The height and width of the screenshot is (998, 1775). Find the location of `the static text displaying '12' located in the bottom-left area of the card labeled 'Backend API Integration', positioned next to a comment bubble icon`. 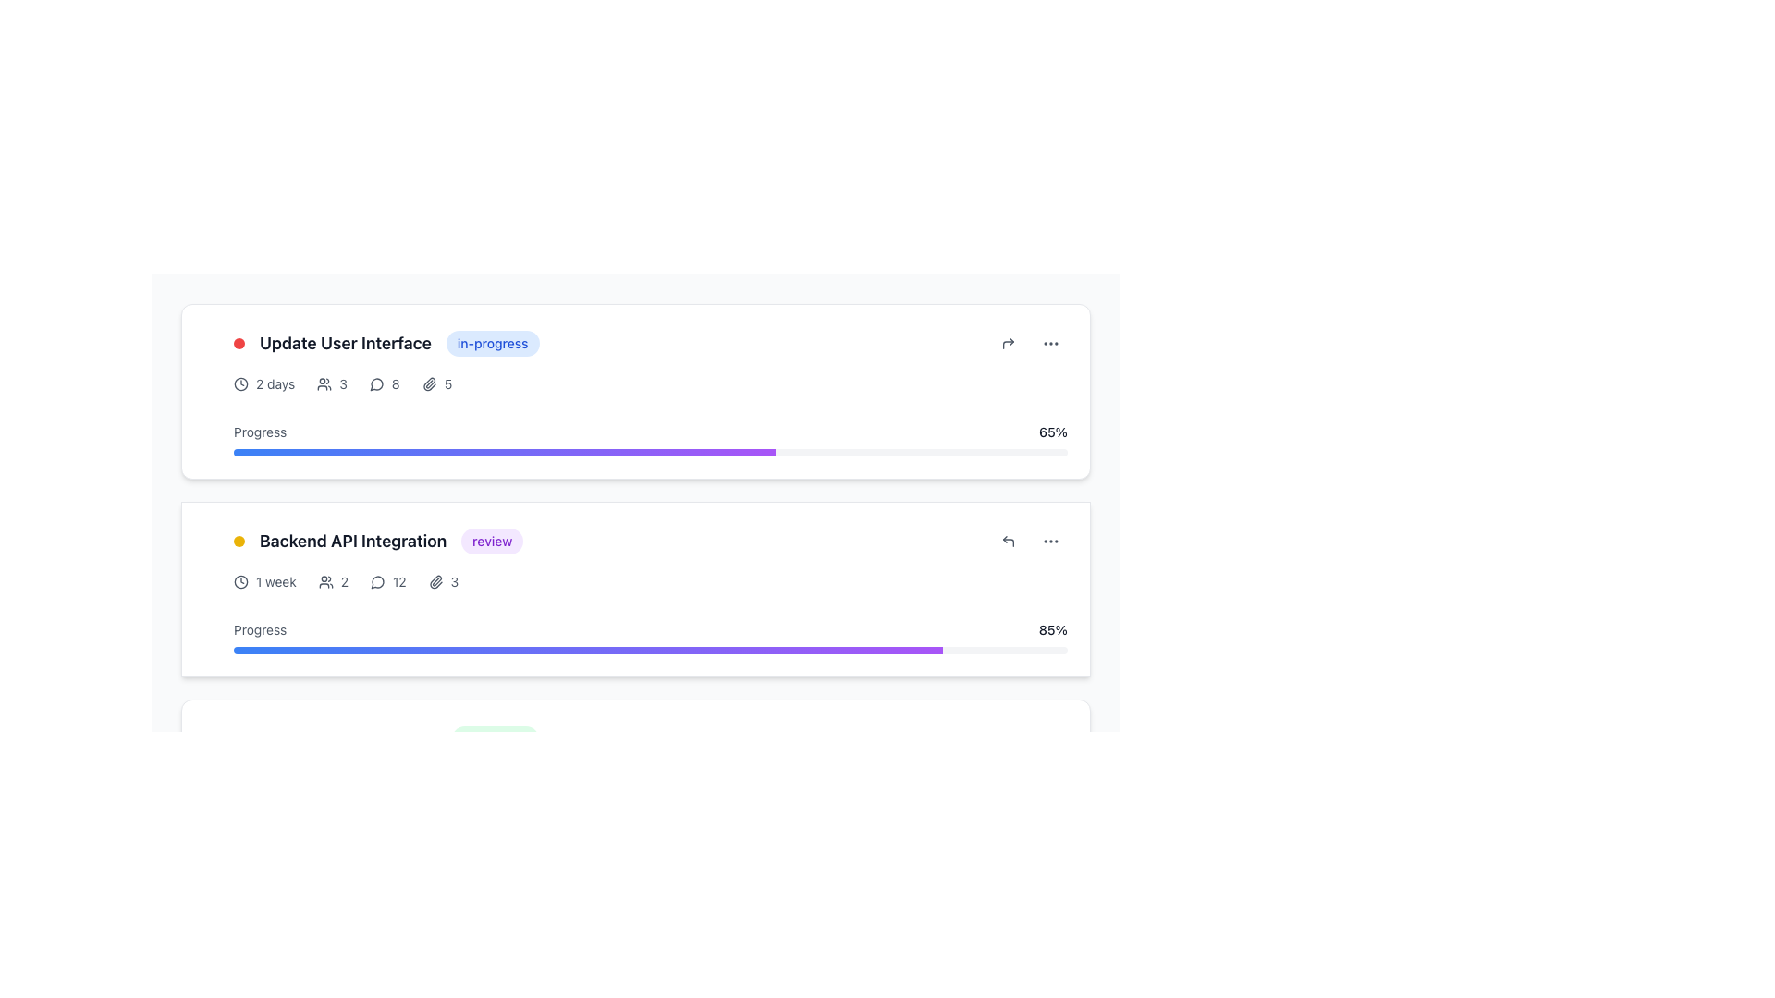

the static text displaying '12' located in the bottom-left area of the card labeled 'Backend API Integration', positioned next to a comment bubble icon is located at coordinates (398, 580).